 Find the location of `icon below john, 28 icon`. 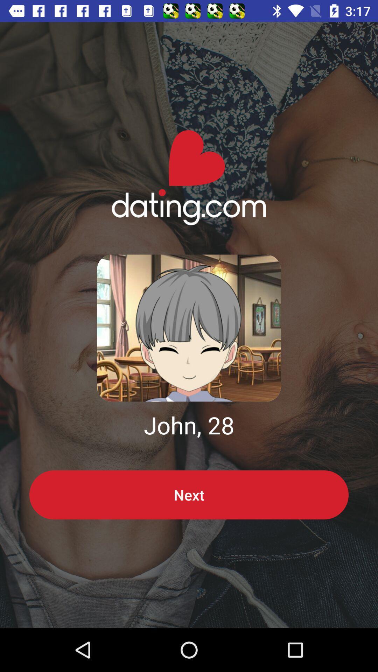

icon below john, 28 icon is located at coordinates (189, 495).